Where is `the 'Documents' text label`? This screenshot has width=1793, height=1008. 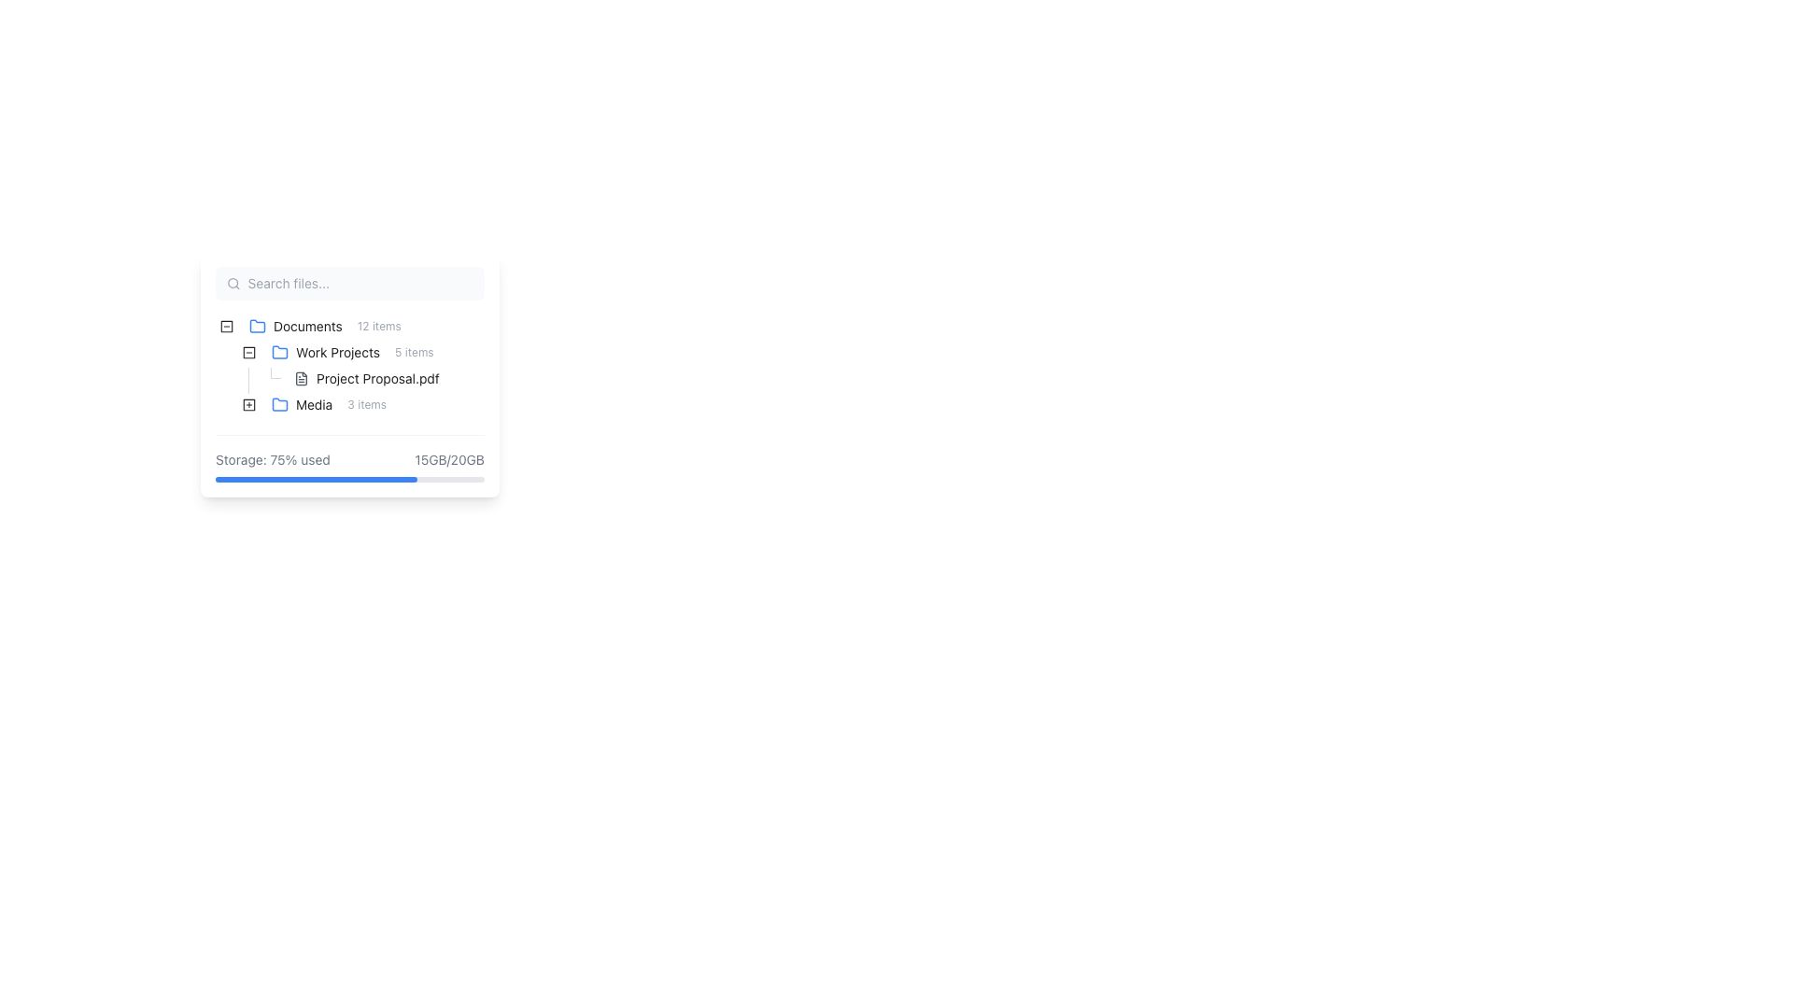
the 'Documents' text label is located at coordinates (307, 326).